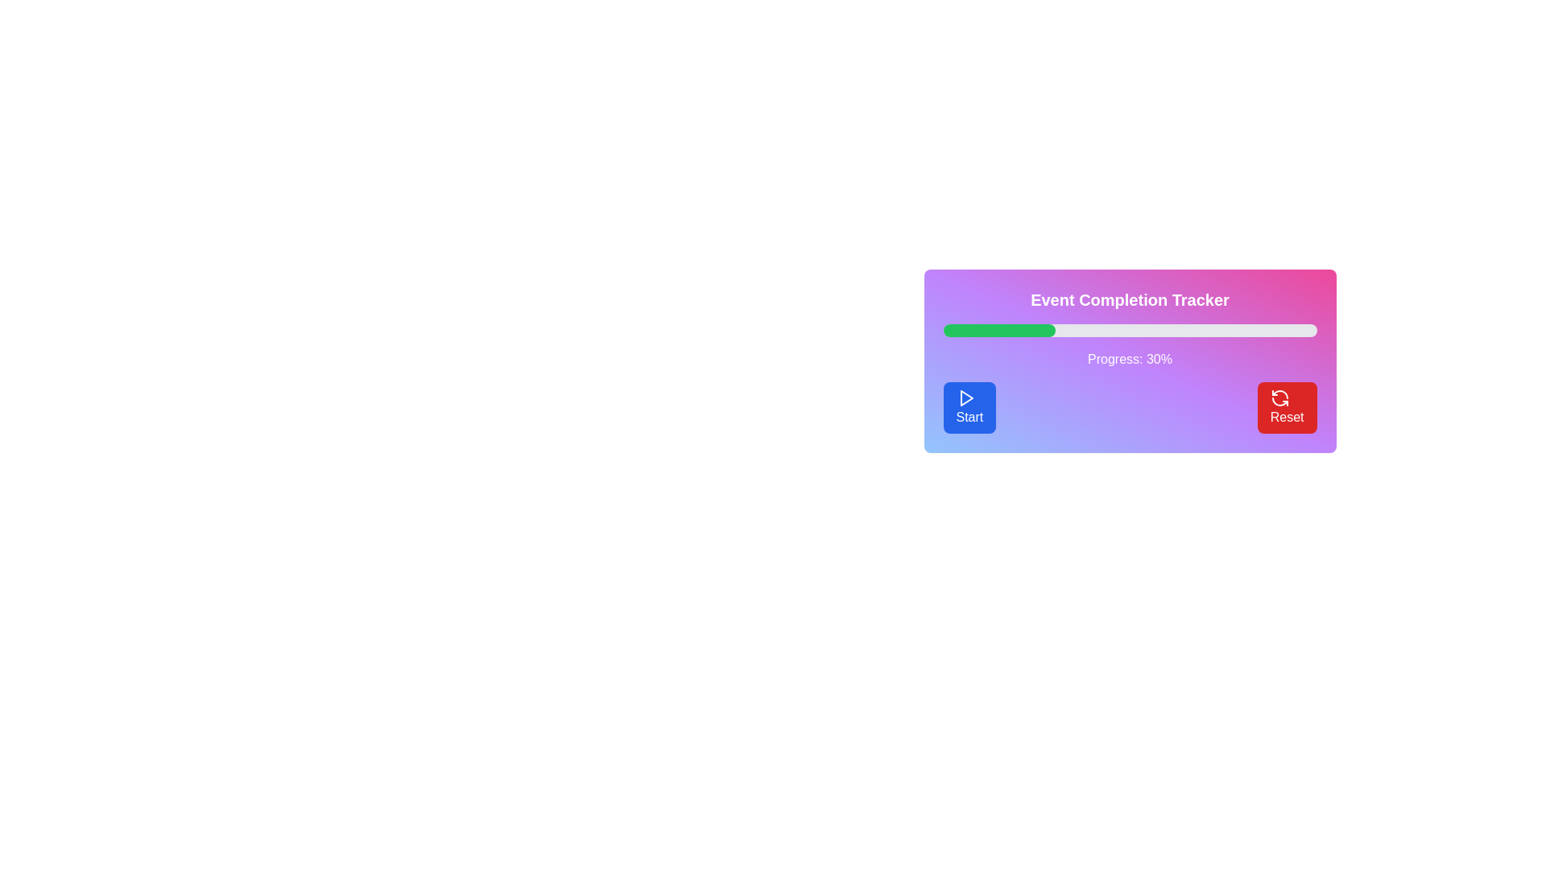 Image resolution: width=1546 pixels, height=869 pixels. Describe the element at coordinates (998, 330) in the screenshot. I see `the Progress bar segment that visually represents 30% completion of a task, located in the upper center of the card labeled 'Progress: 30%.'` at that location.